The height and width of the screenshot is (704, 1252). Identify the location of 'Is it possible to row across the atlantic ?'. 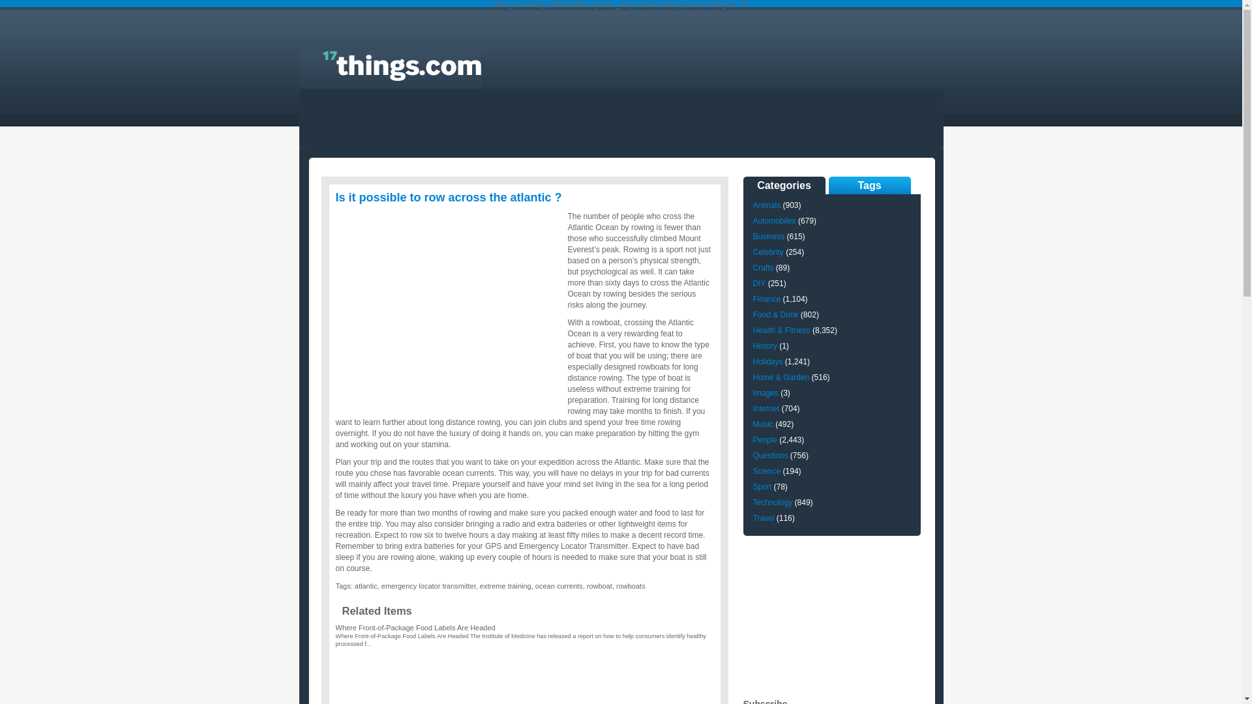
(448, 198).